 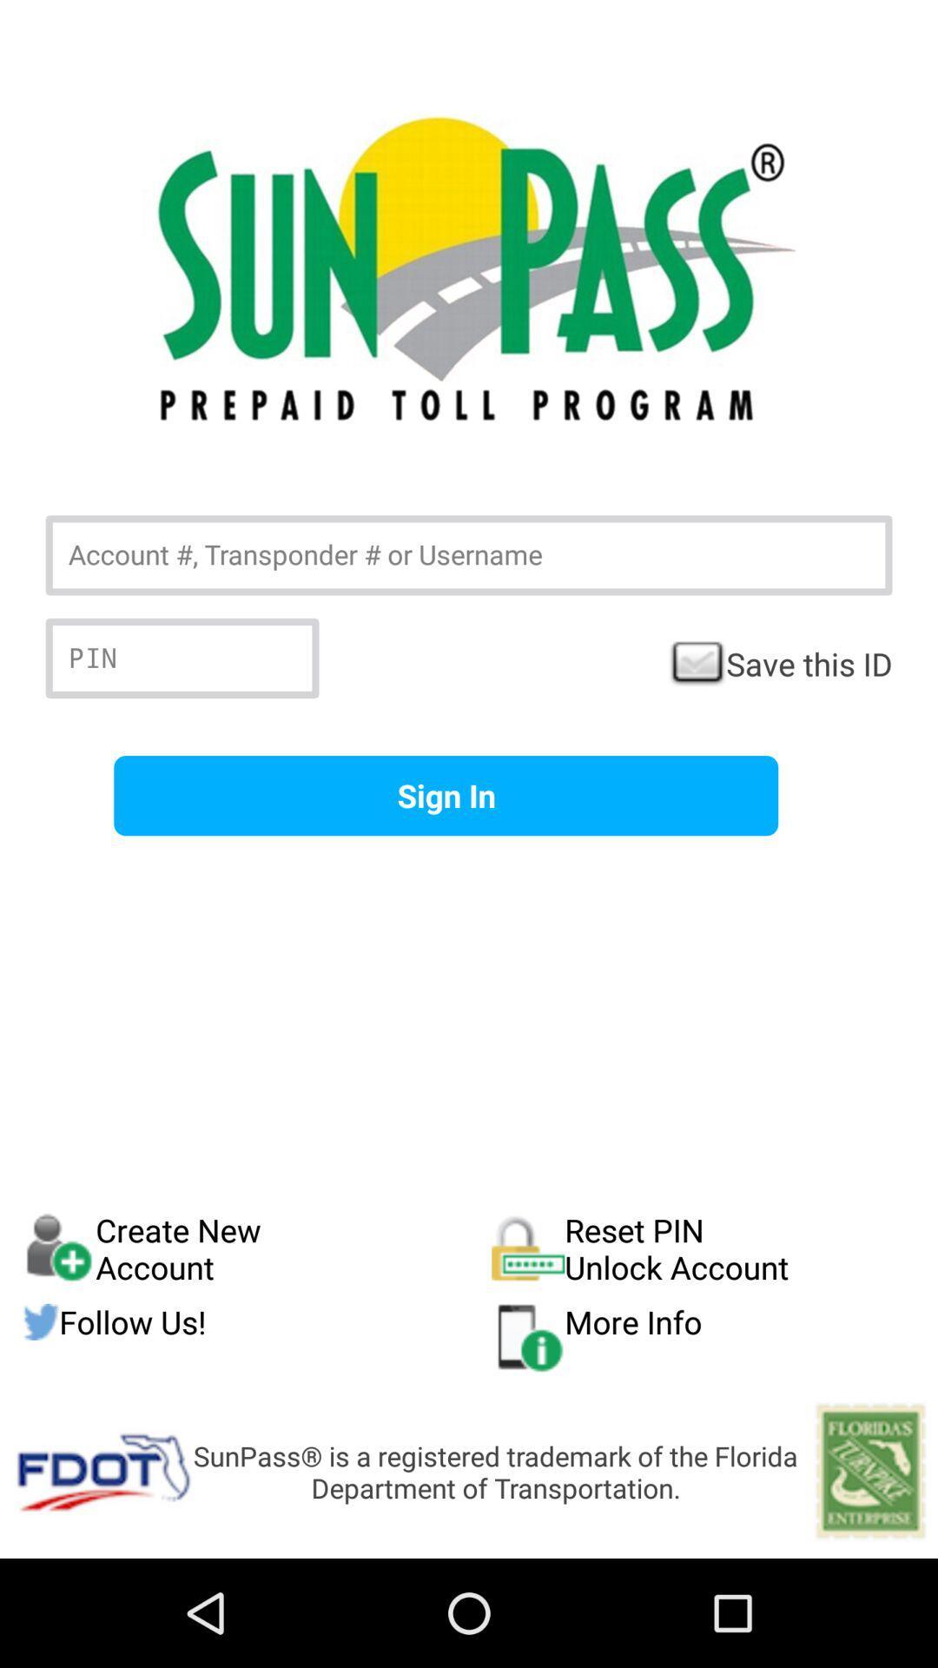 I want to click on item above create new, so click(x=445, y=795).